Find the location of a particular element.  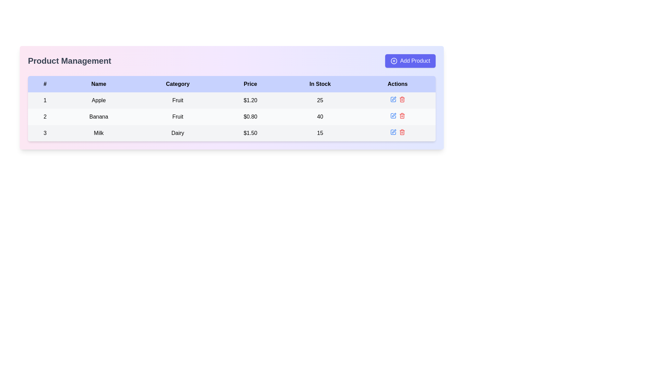

the second row of the product details table, which displays information about the product's name, category, price, and stock quantity is located at coordinates (232, 117).